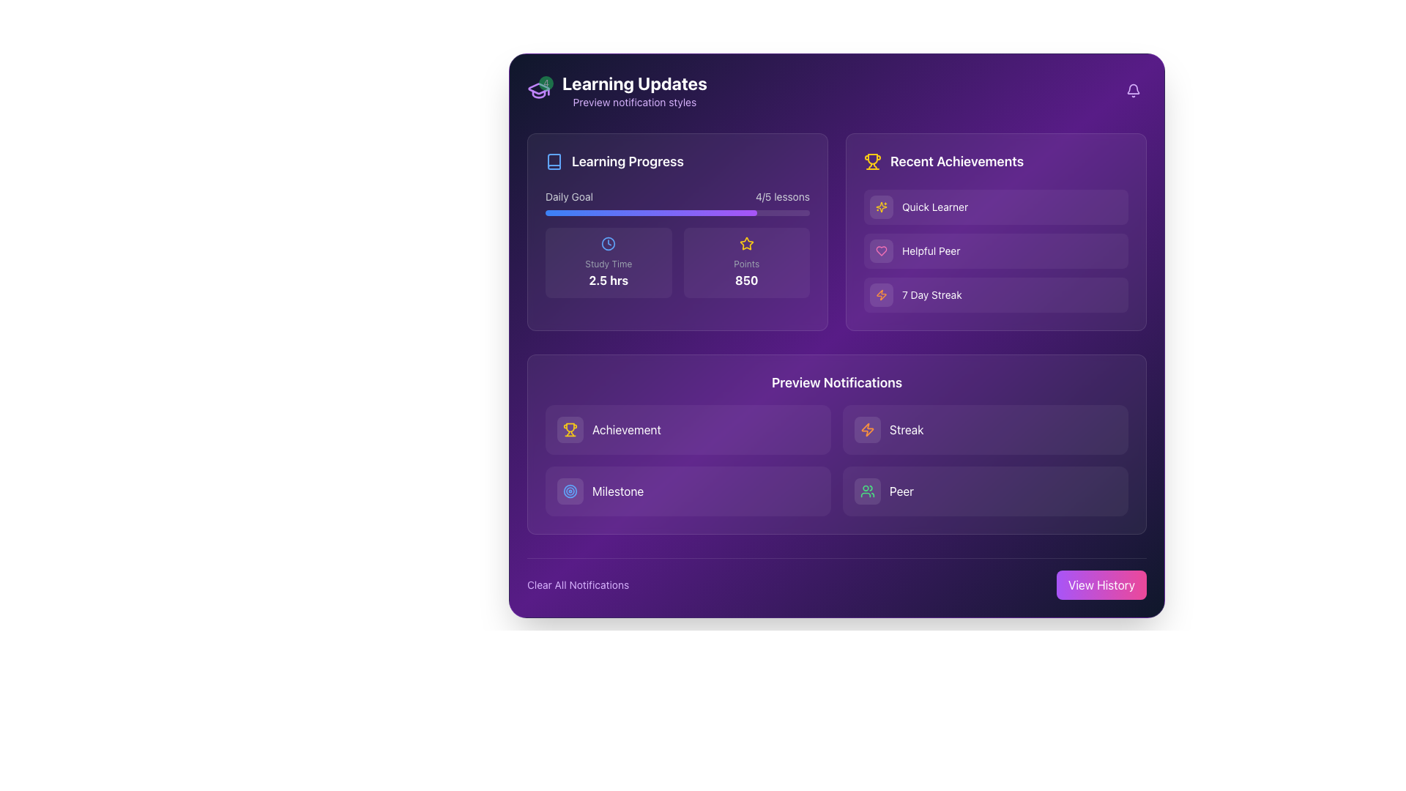 The image size is (1406, 791). I want to click on the 'Recent Achievements' section, so click(996, 231).